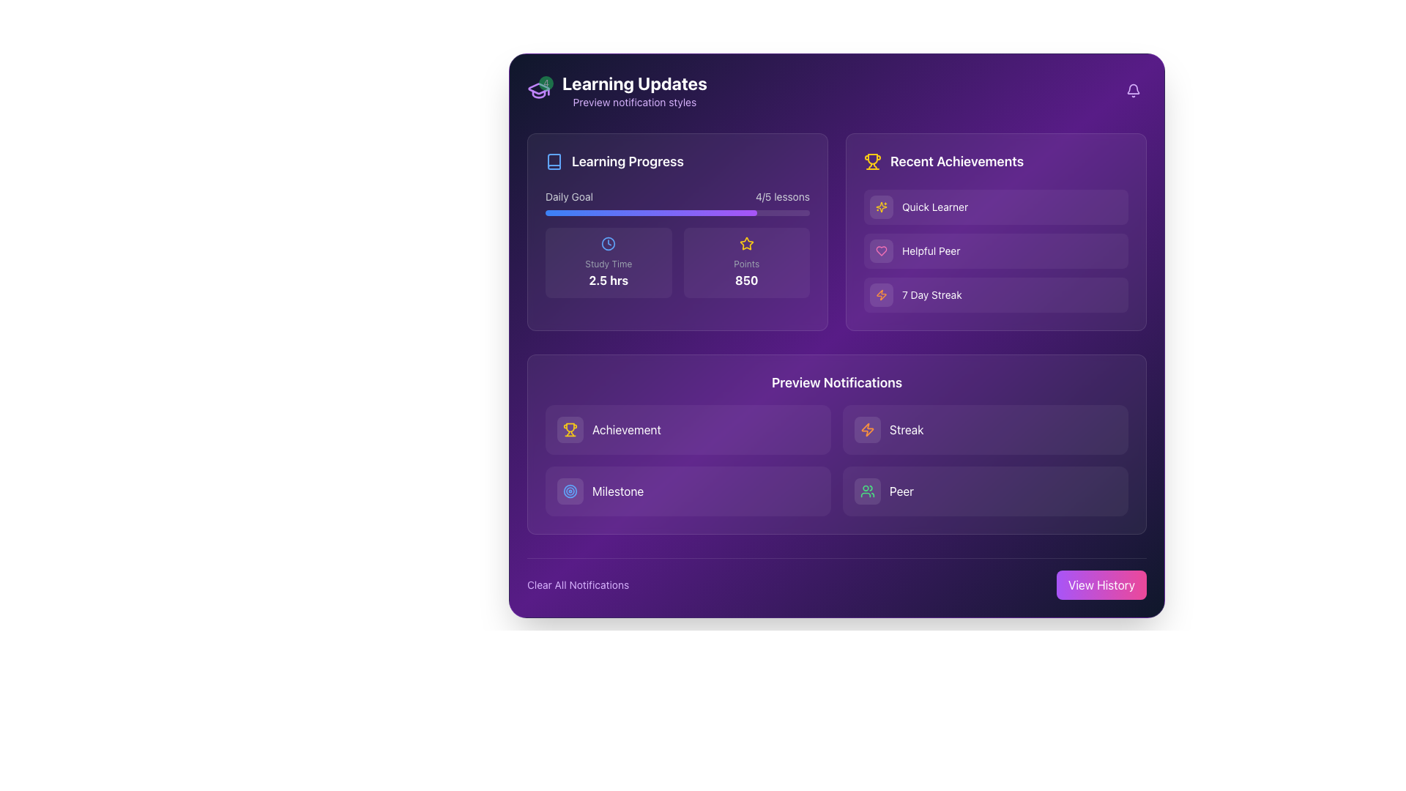 The image size is (1406, 791). I want to click on the 'Recent Achievements' section, so click(996, 231).